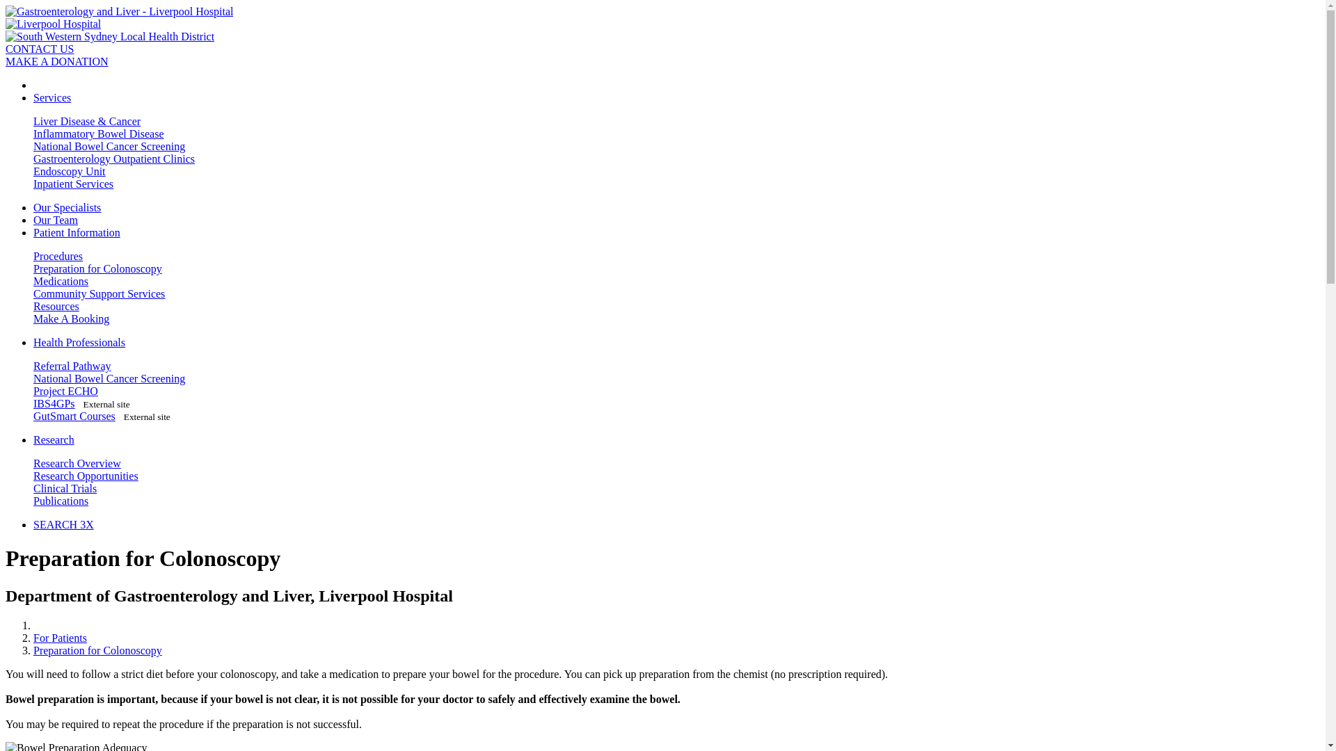 Image resolution: width=1336 pixels, height=751 pixels. Describe the element at coordinates (63, 524) in the screenshot. I see `'SEARCH 3X'` at that location.